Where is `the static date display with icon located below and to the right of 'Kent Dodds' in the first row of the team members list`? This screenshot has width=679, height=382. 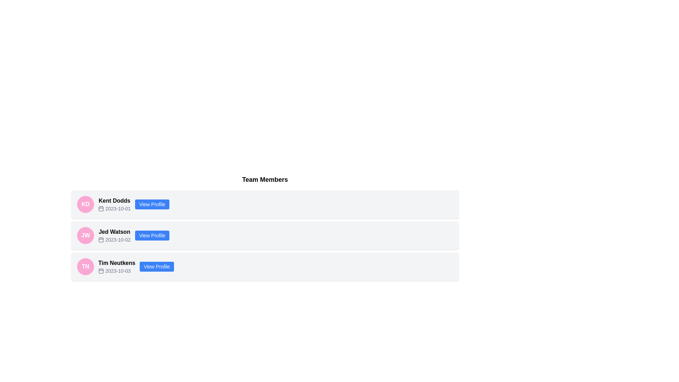 the static date display with icon located below and to the right of 'Kent Dodds' in the first row of the team members list is located at coordinates (114, 208).